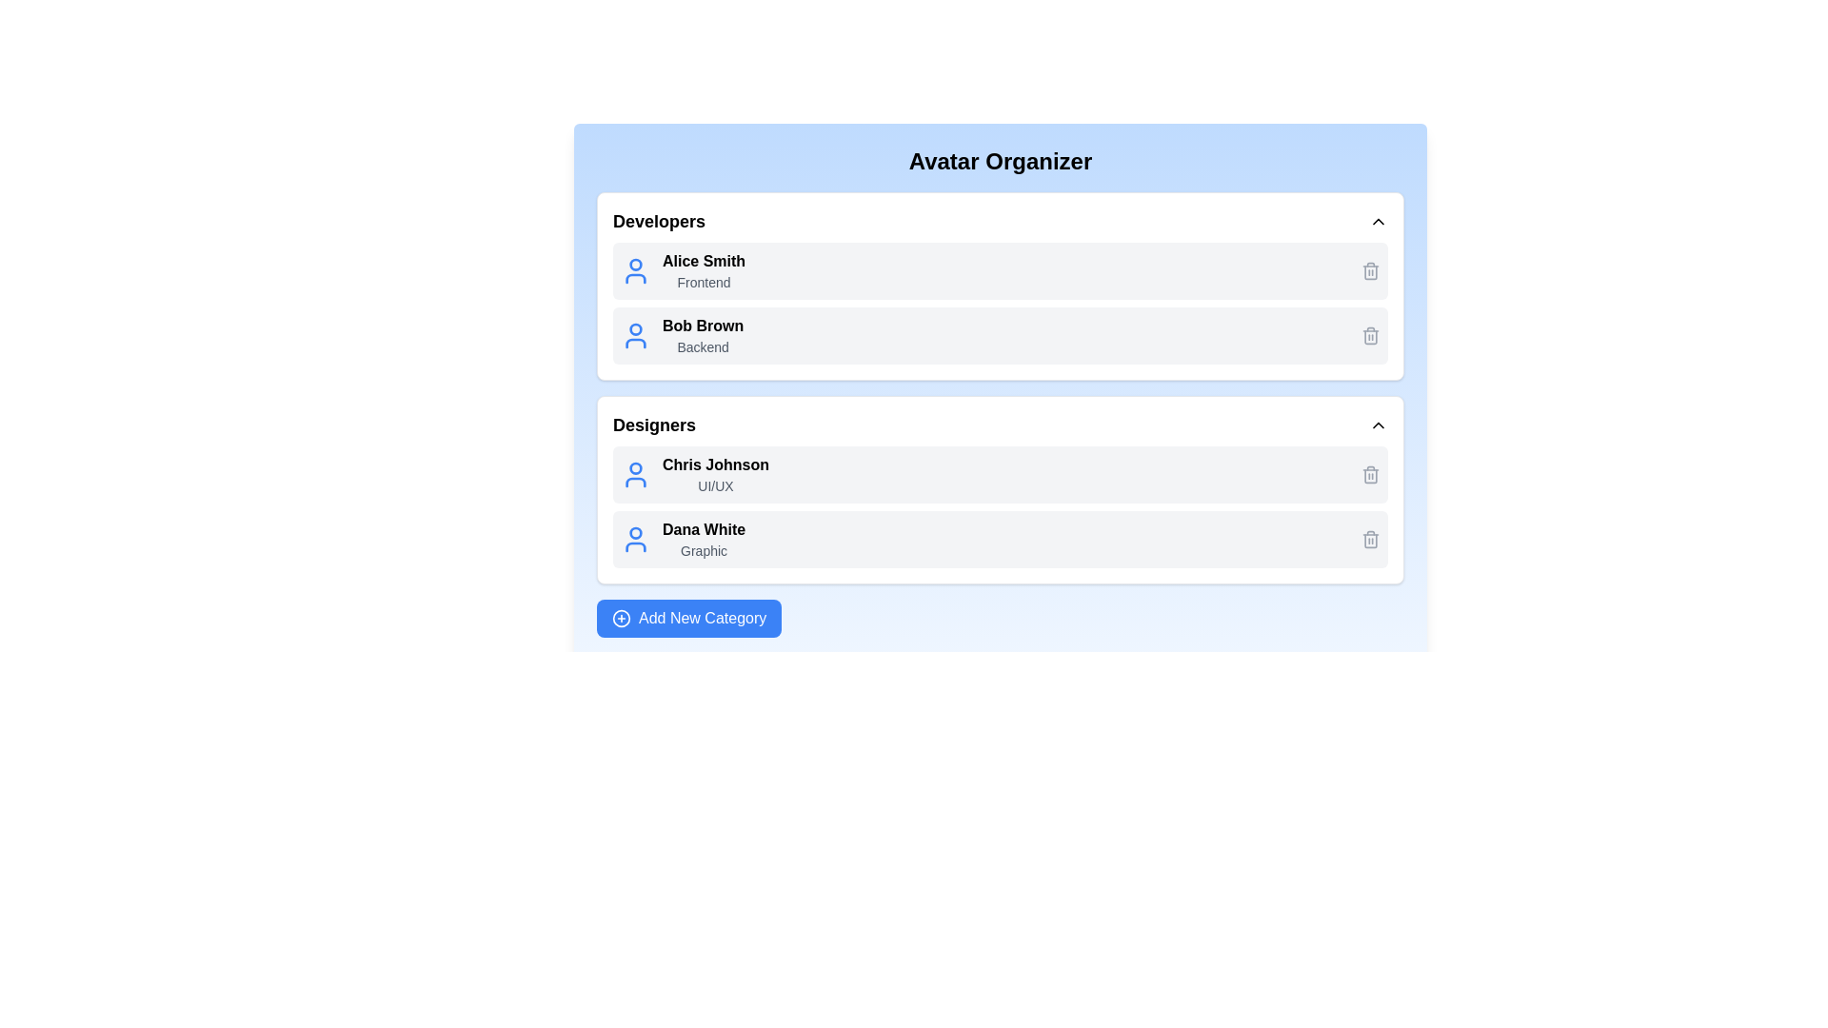 This screenshot has width=1828, height=1028. Describe the element at coordinates (1000, 335) in the screenshot. I see `displayed user information from the user card featuring the name 'Bob Brown' and subtitle 'Backend', which is located below the 'Alice Smith Frontend' card in the 'Developers' section` at that location.